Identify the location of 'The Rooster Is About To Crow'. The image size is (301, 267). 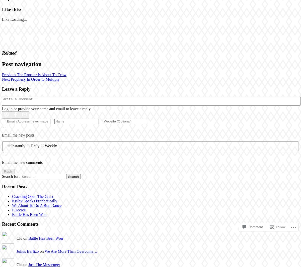
(41, 75).